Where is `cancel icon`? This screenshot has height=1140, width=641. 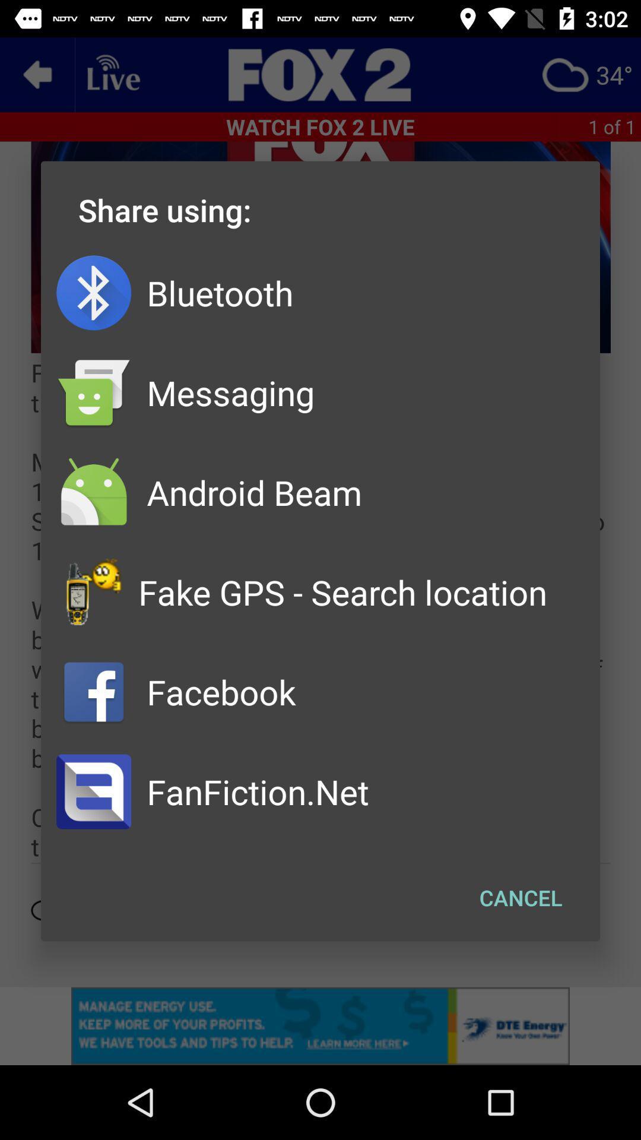
cancel icon is located at coordinates (520, 898).